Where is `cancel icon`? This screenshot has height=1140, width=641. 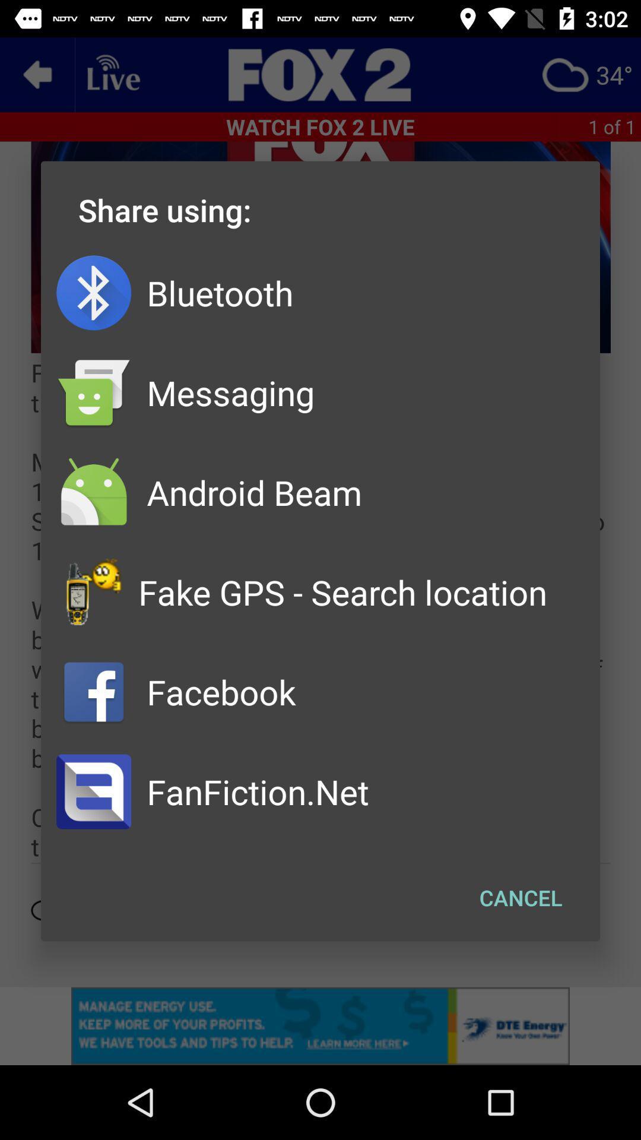
cancel icon is located at coordinates (520, 898).